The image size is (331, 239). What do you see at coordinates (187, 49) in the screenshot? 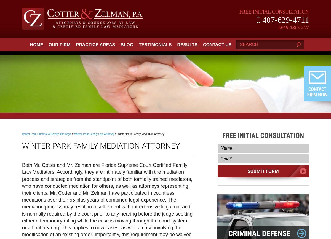
I see `'Results'` at bounding box center [187, 49].